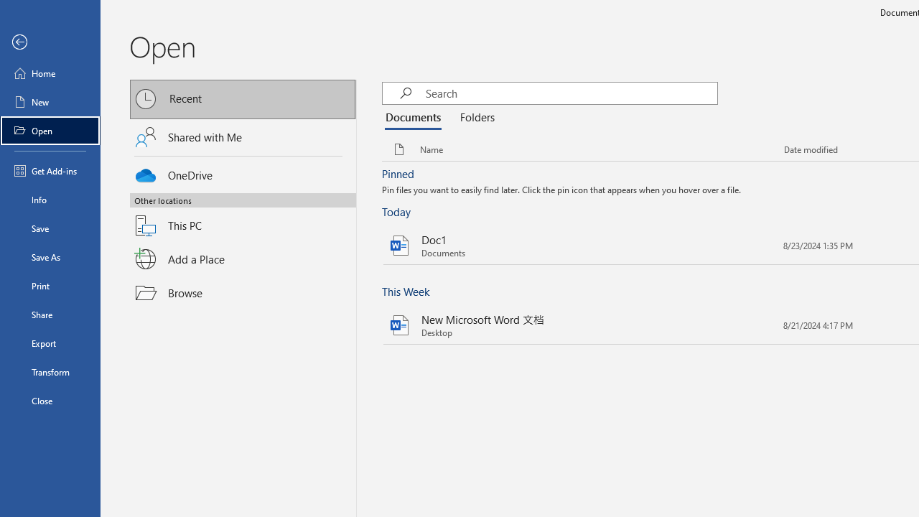 The image size is (919, 517). Describe the element at coordinates (50, 169) in the screenshot. I see `'Get Add-ins'` at that location.